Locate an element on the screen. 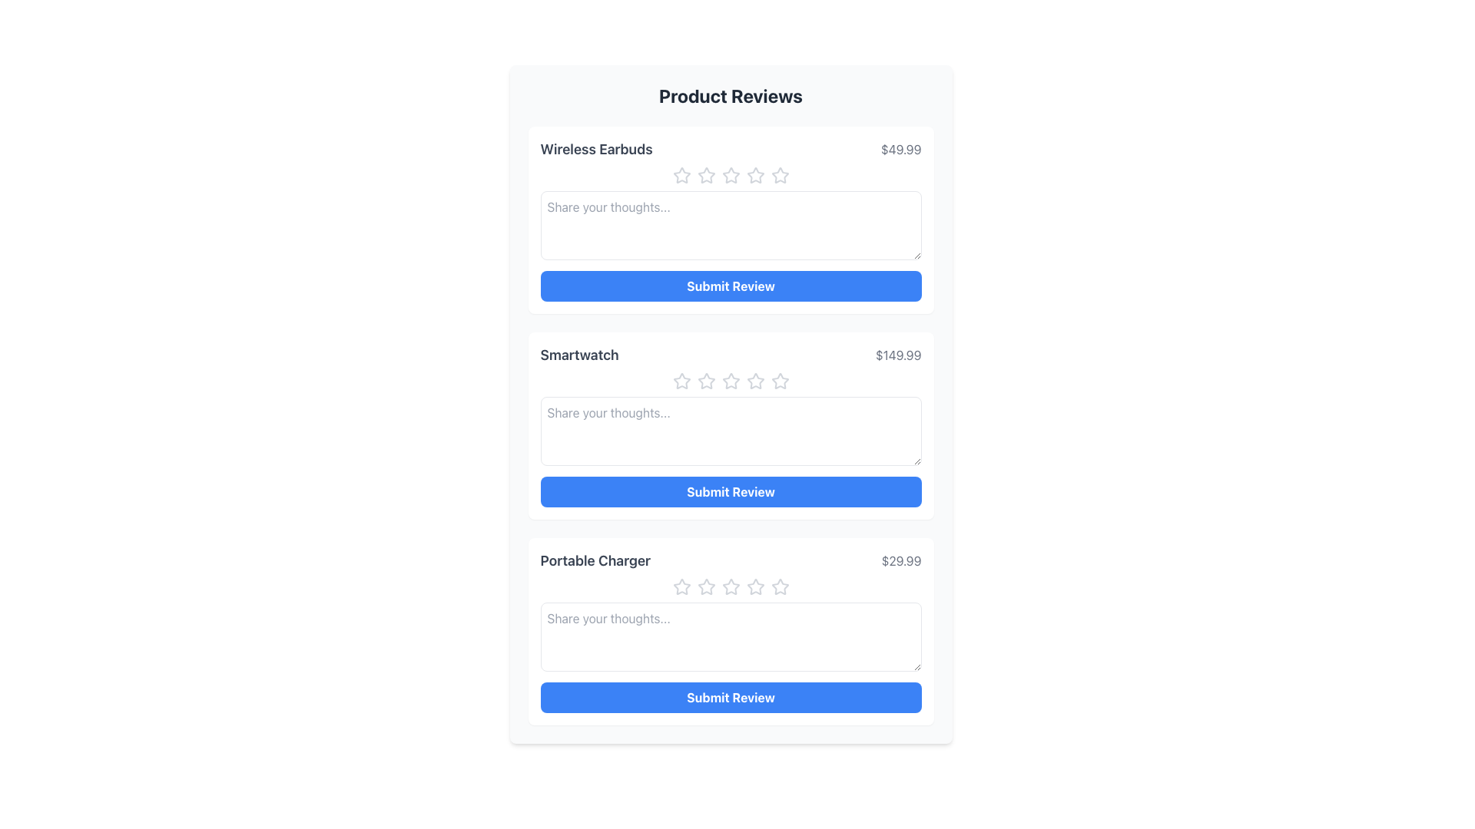 The height and width of the screenshot is (829, 1475). the hollow star icon in the second review card under the 'Smartwatch' section to give a one-star rating is located at coordinates (681, 380).